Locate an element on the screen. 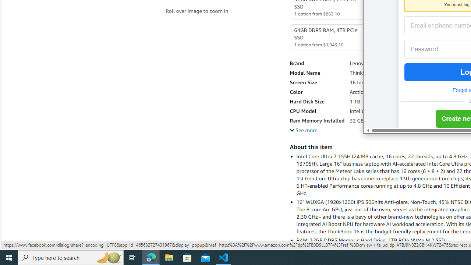  'Microsoft Edge - 2 running windows' is located at coordinates (151, 257).